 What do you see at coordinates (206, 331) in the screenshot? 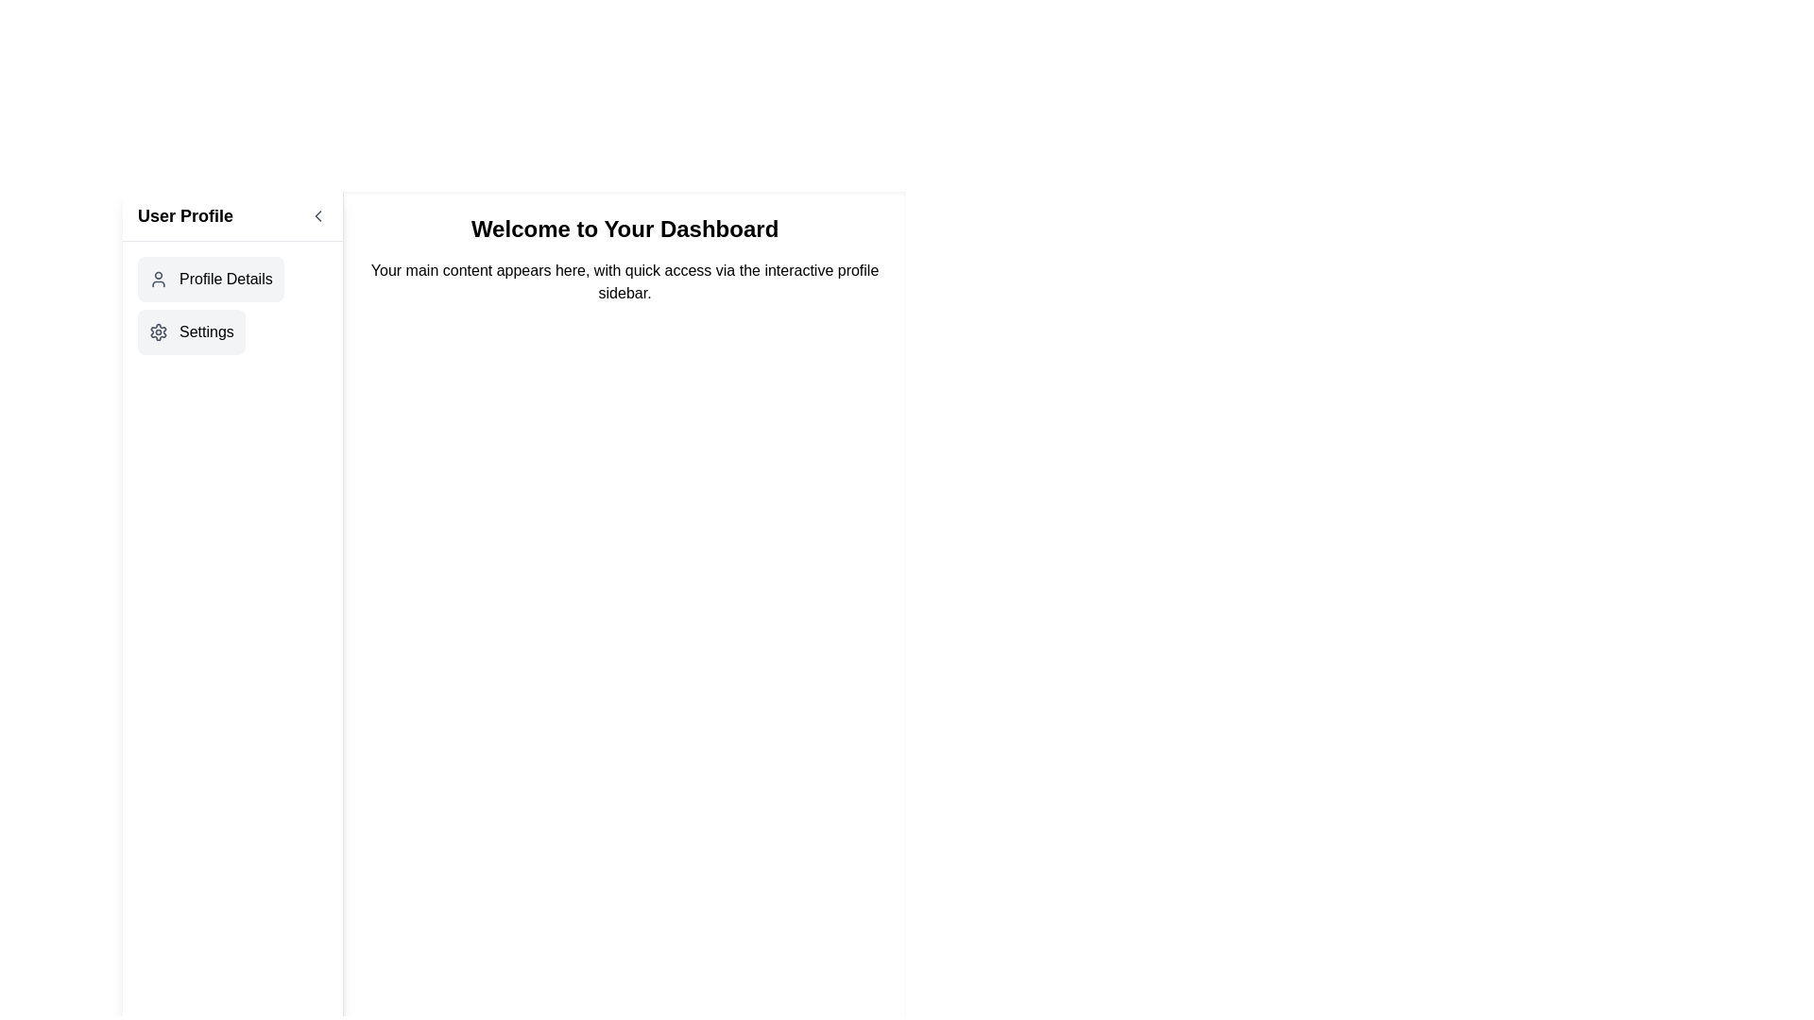
I see `the 'Settings' text label in the sidebar menu` at bounding box center [206, 331].